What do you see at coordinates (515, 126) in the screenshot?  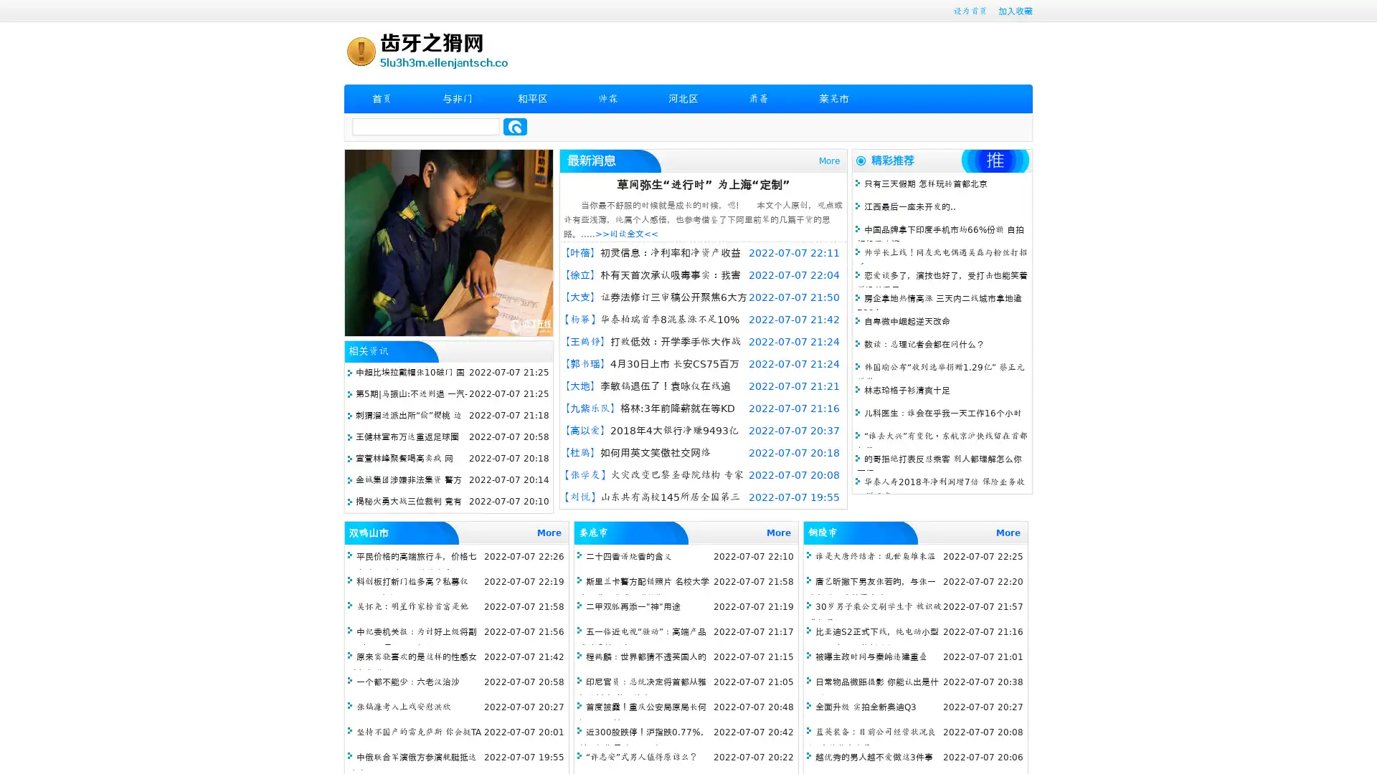 I see `Search` at bounding box center [515, 126].